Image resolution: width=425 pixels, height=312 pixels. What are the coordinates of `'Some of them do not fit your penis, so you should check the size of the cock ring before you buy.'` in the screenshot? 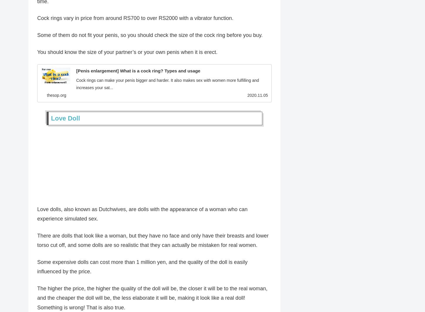 It's located at (150, 36).